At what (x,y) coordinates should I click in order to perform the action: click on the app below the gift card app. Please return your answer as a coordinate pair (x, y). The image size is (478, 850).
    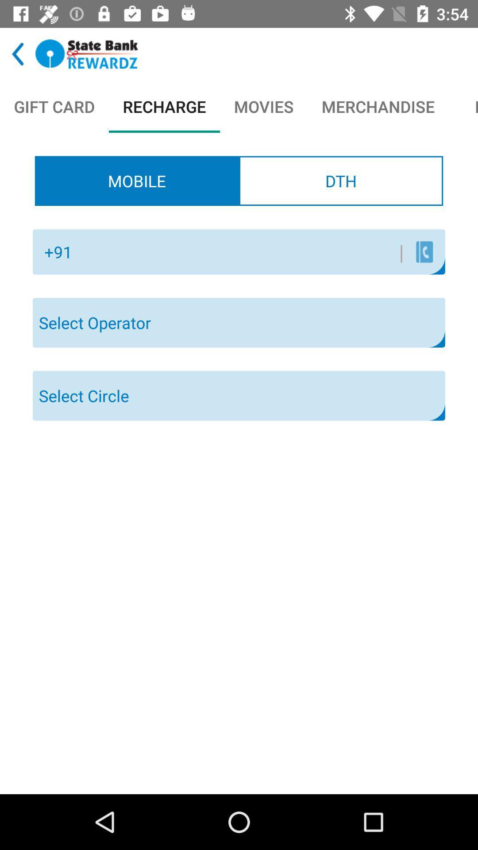
    Looking at the image, I should click on (137, 180).